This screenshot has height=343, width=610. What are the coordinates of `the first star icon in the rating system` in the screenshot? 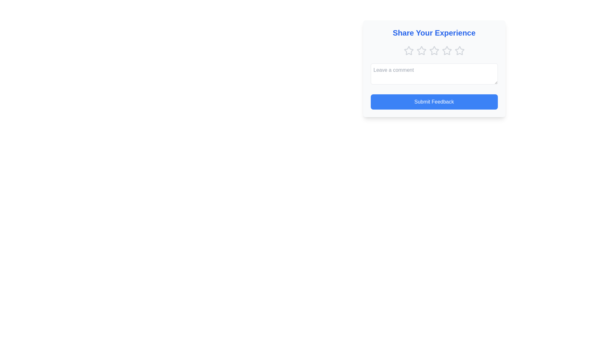 It's located at (409, 50).